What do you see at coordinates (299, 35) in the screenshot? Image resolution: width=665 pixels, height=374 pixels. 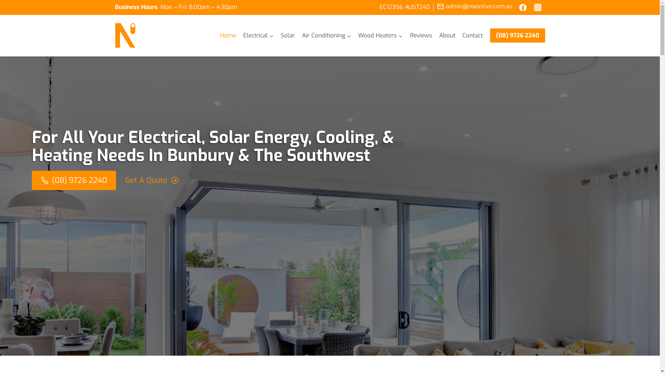 I see `'Air Conditioning'` at bounding box center [299, 35].